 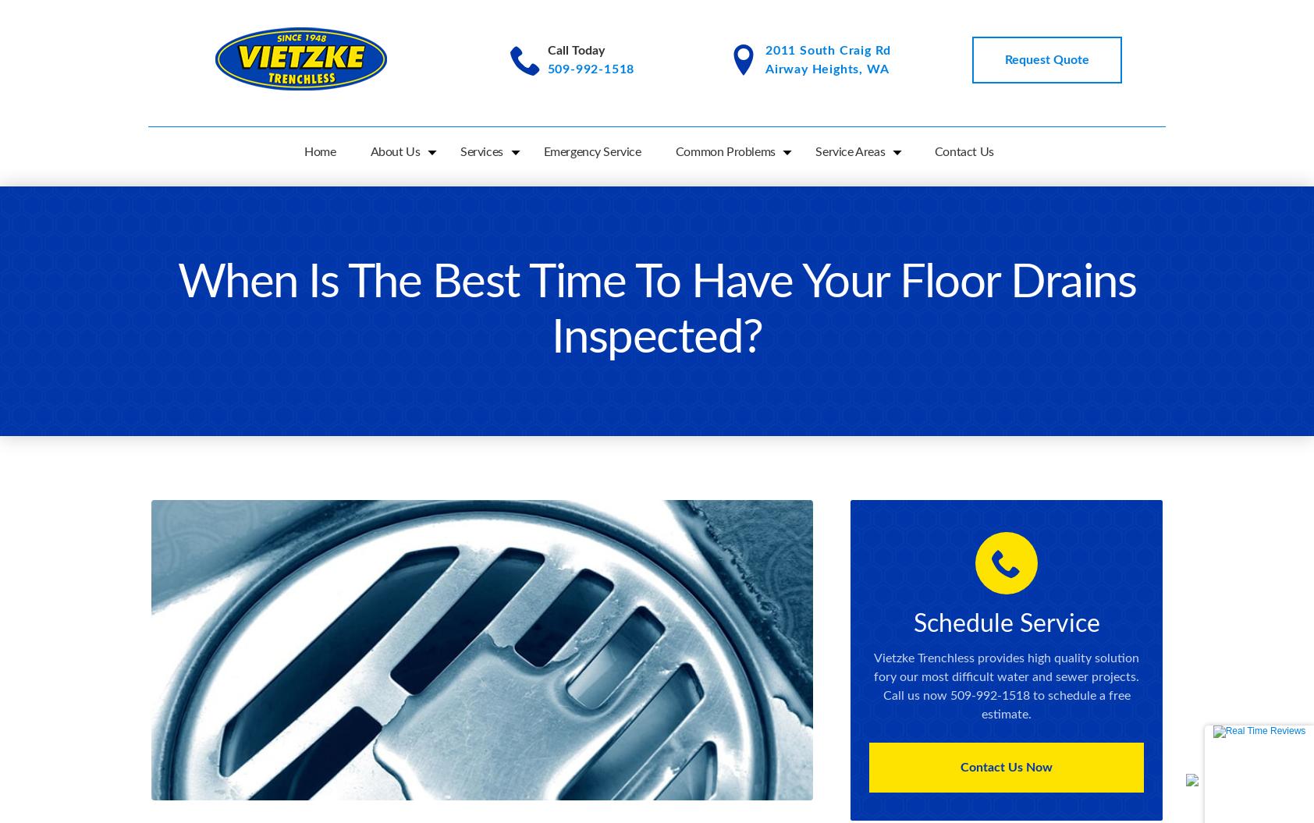 What do you see at coordinates (575, 49) in the screenshot?
I see `'Call Today'` at bounding box center [575, 49].